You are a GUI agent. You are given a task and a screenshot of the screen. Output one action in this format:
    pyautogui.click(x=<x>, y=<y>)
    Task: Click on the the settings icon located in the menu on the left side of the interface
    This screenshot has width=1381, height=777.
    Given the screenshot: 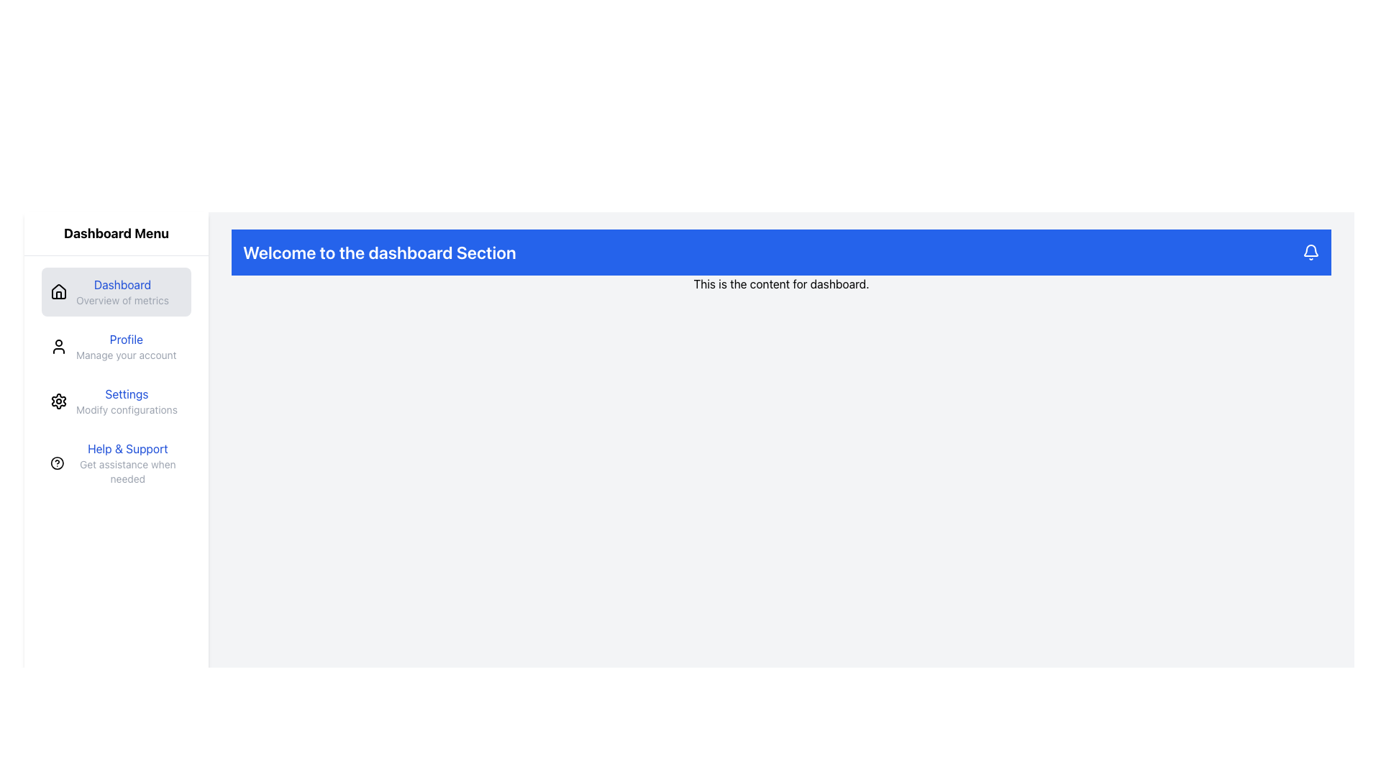 What is the action you would take?
    pyautogui.click(x=58, y=401)
    